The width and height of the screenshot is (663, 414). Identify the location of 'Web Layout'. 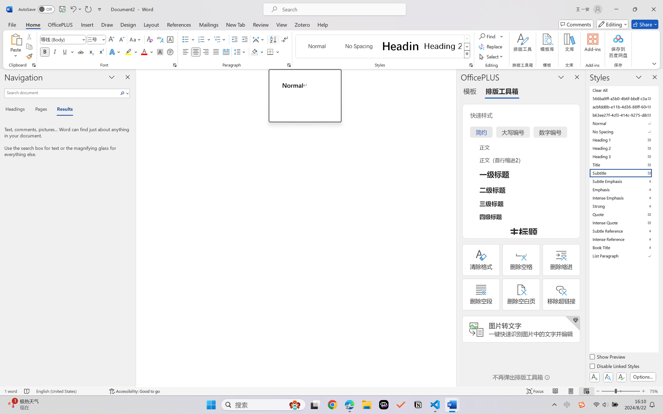
(586, 391).